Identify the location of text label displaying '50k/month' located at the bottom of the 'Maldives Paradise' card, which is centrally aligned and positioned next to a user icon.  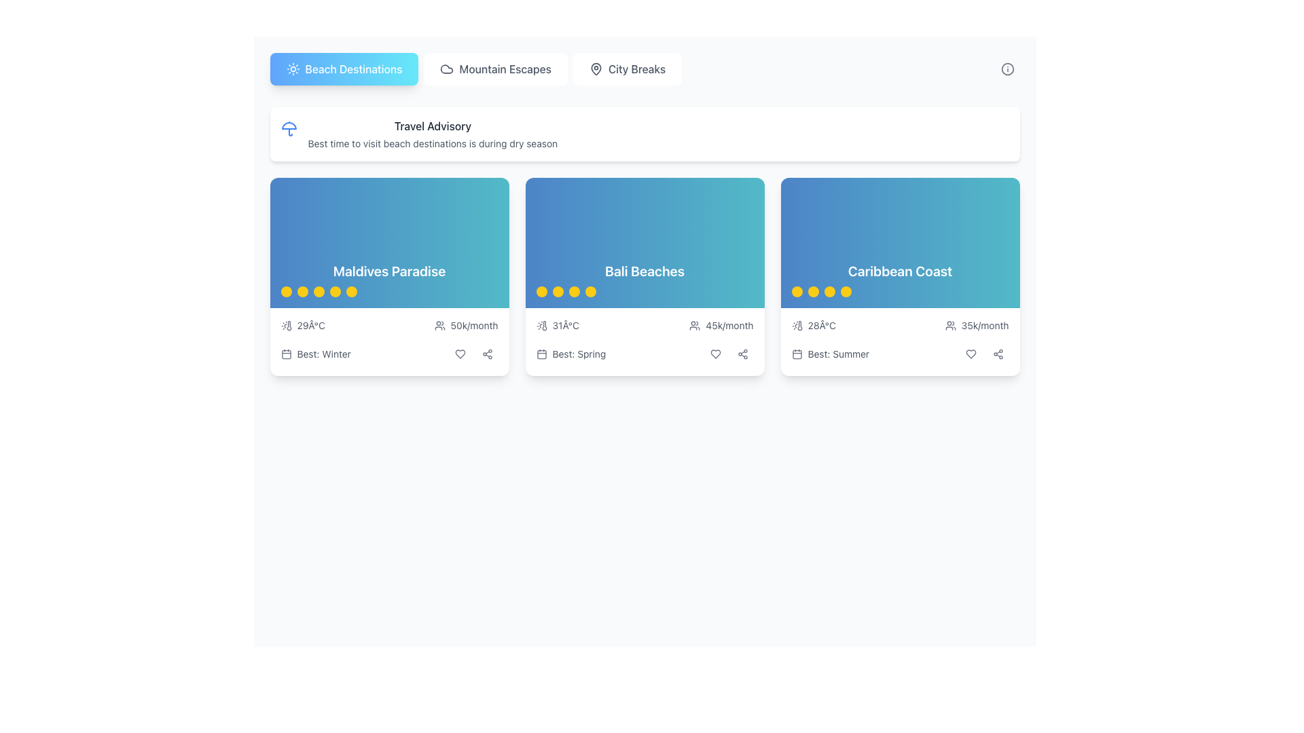
(474, 325).